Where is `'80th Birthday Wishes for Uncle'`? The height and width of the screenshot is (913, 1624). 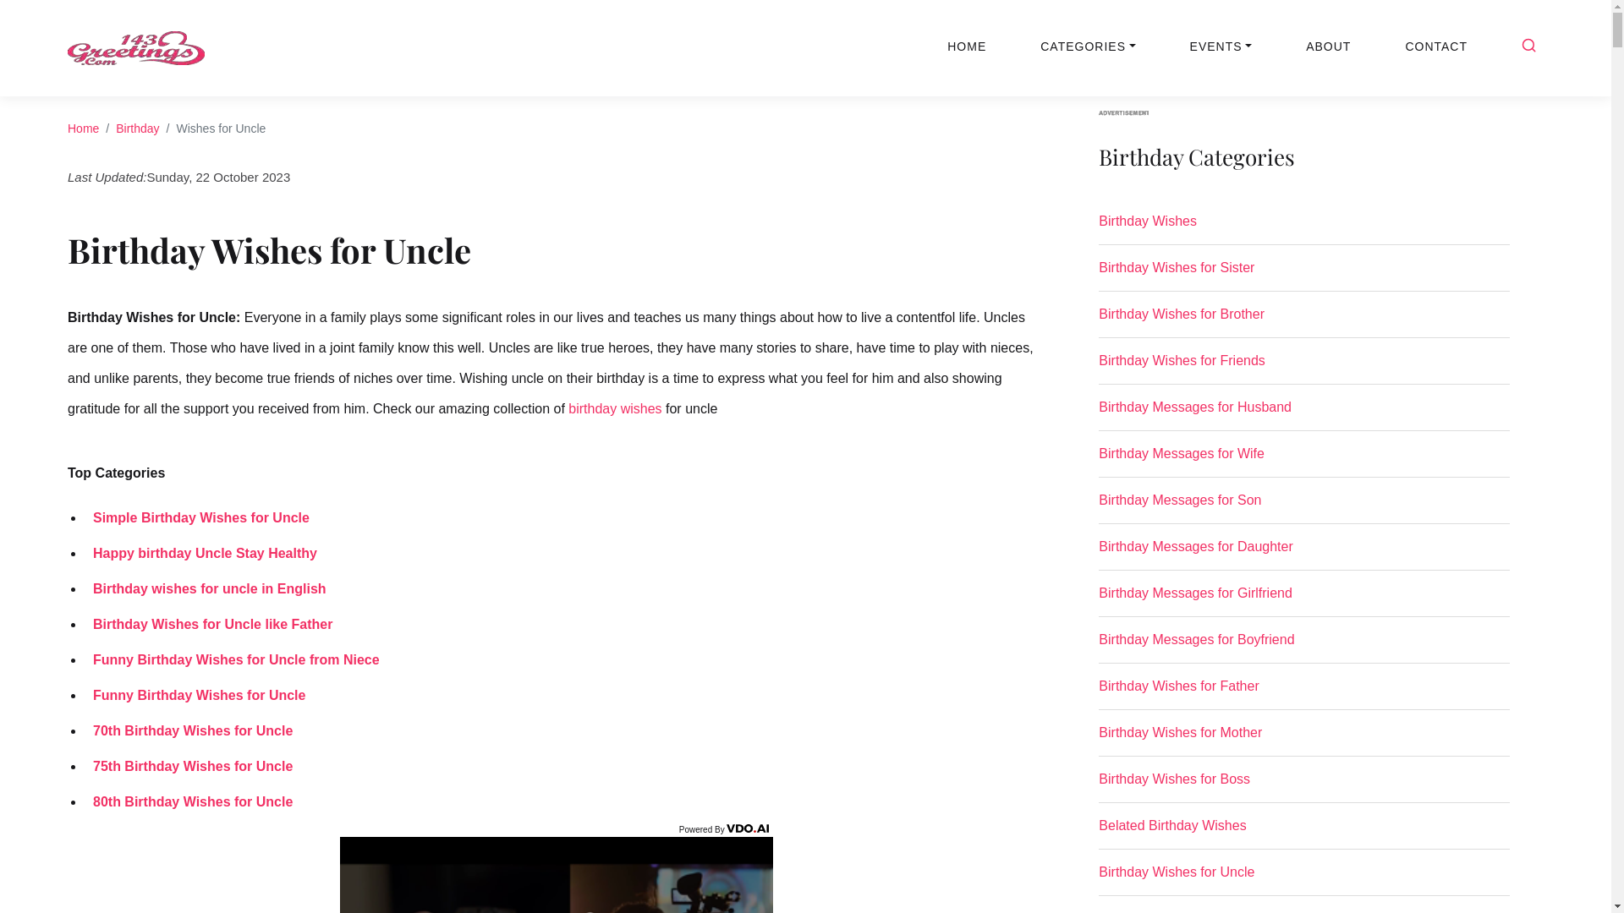 '80th Birthday Wishes for Uncle' is located at coordinates (188, 801).